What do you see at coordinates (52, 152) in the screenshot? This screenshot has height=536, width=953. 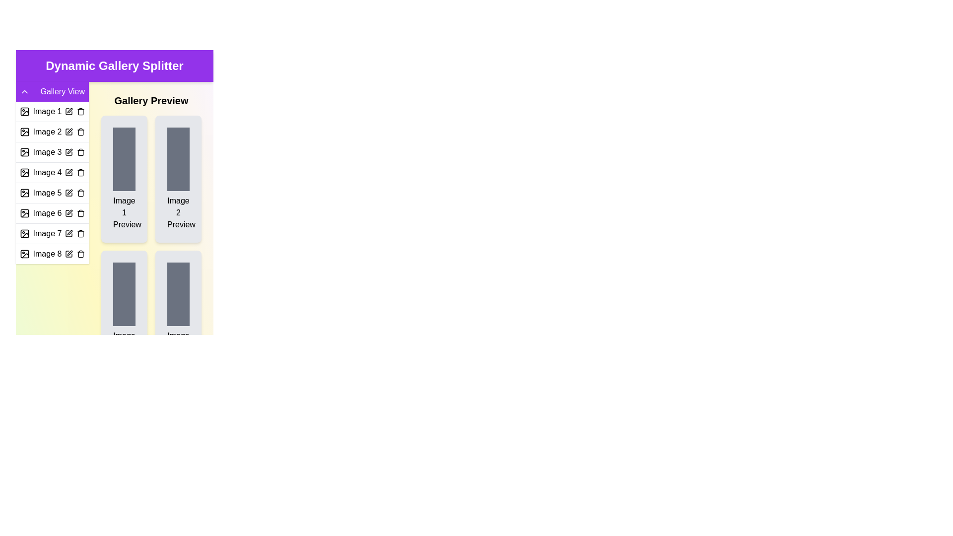 I see `the third item labeled 'Image 3' in the left-side 'Gallery View' menu, which allows users` at bounding box center [52, 152].